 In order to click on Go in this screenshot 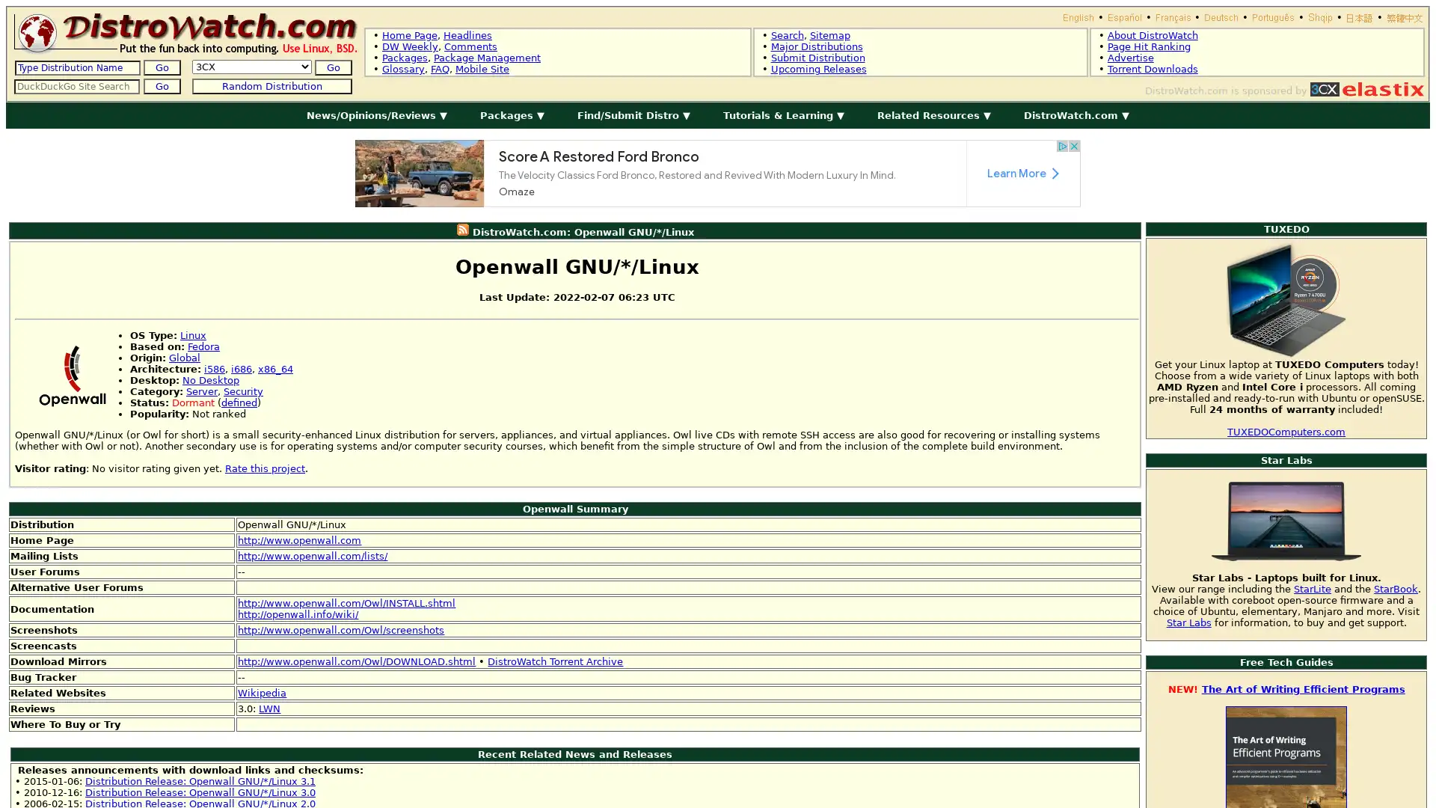, I will do `click(332, 67)`.